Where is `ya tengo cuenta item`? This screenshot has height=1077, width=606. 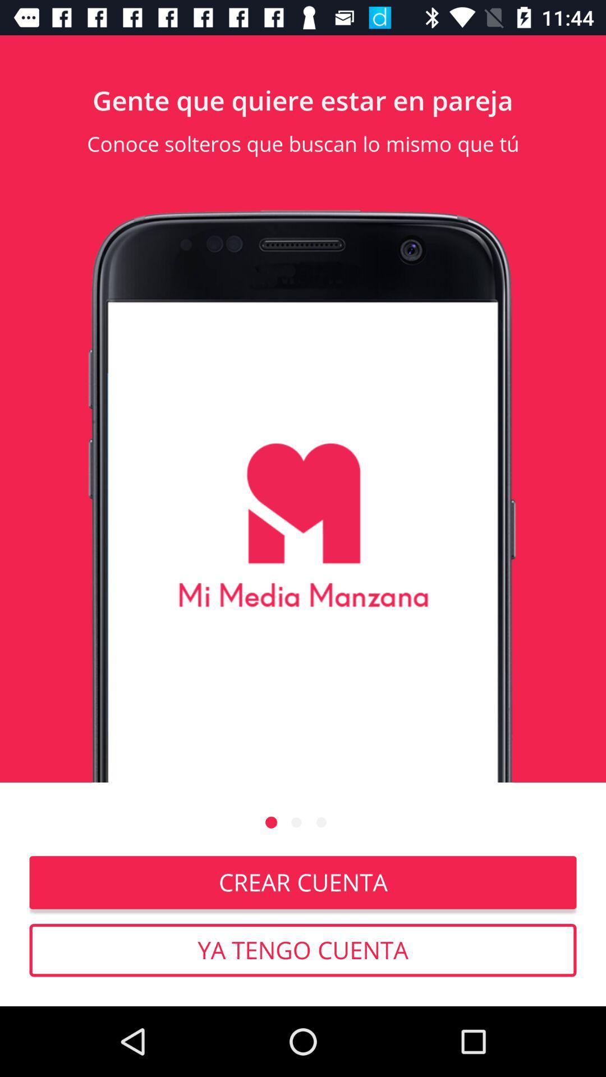
ya tengo cuenta item is located at coordinates (303, 950).